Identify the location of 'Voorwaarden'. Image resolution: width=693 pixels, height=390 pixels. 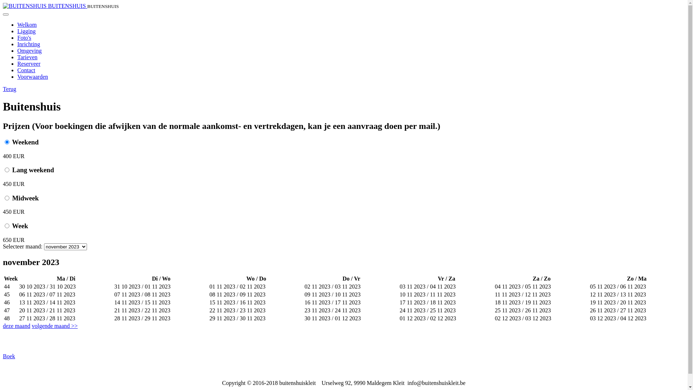
(17, 77).